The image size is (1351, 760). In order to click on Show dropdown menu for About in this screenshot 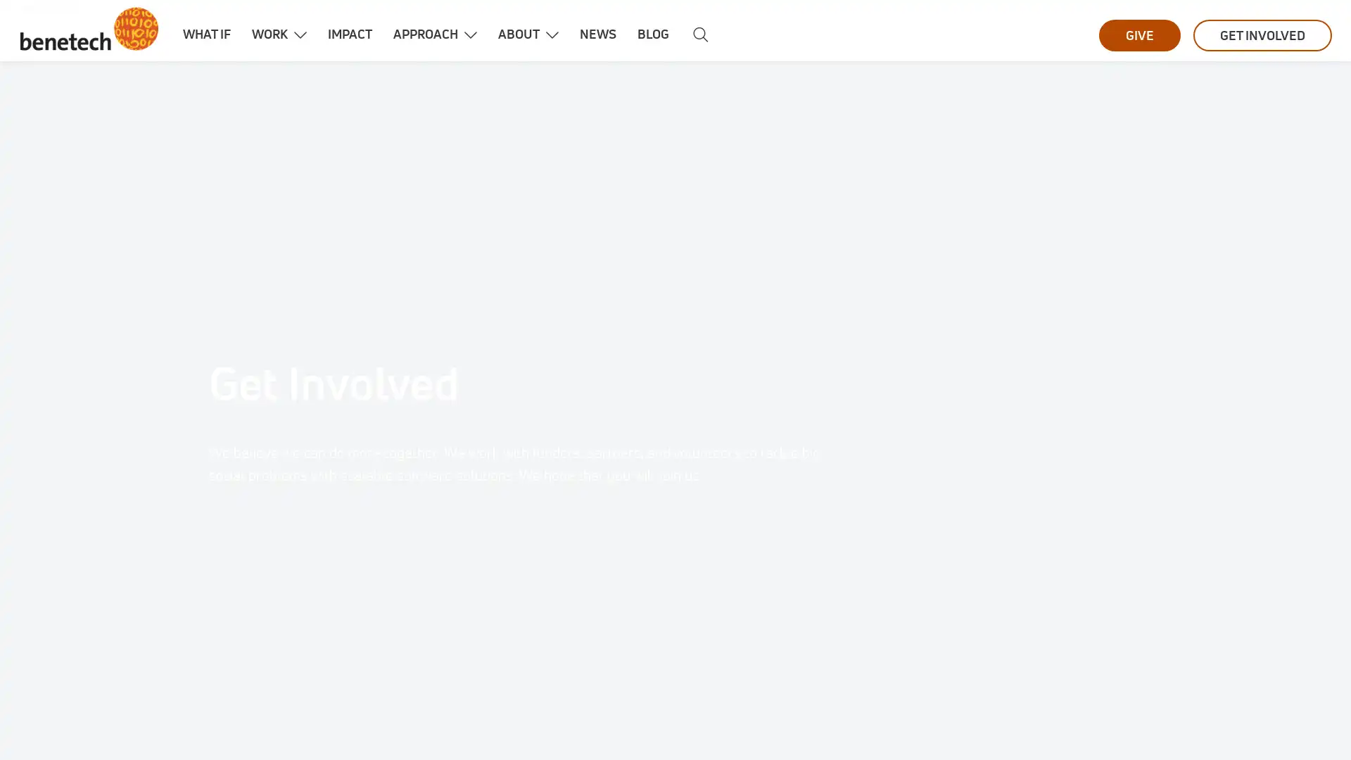, I will do `click(552, 34)`.